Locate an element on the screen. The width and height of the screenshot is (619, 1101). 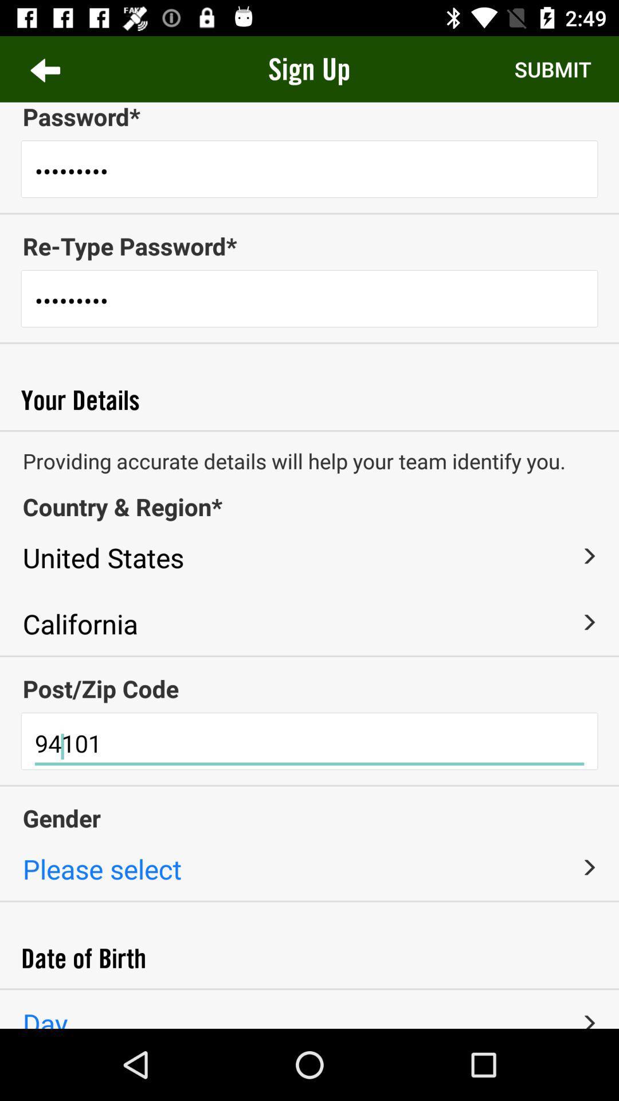
post/zip code item is located at coordinates (309, 688).